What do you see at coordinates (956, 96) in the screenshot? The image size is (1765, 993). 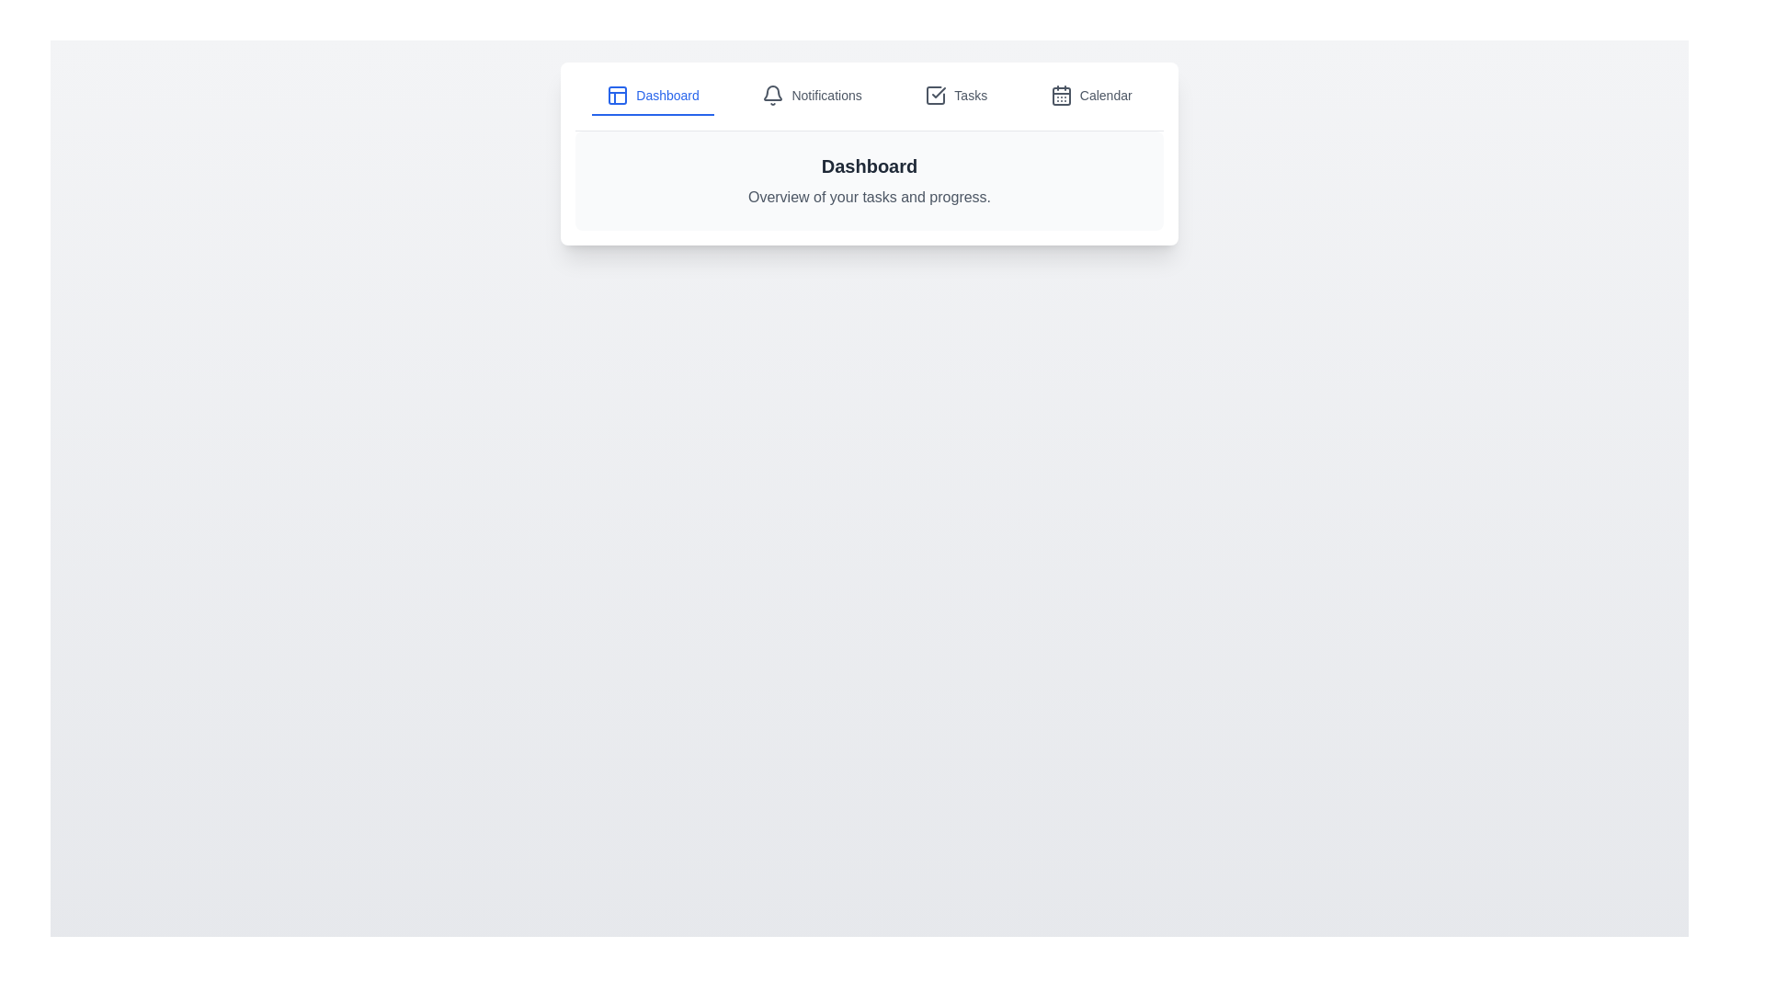 I see `the tab labeled Tasks` at bounding box center [956, 96].